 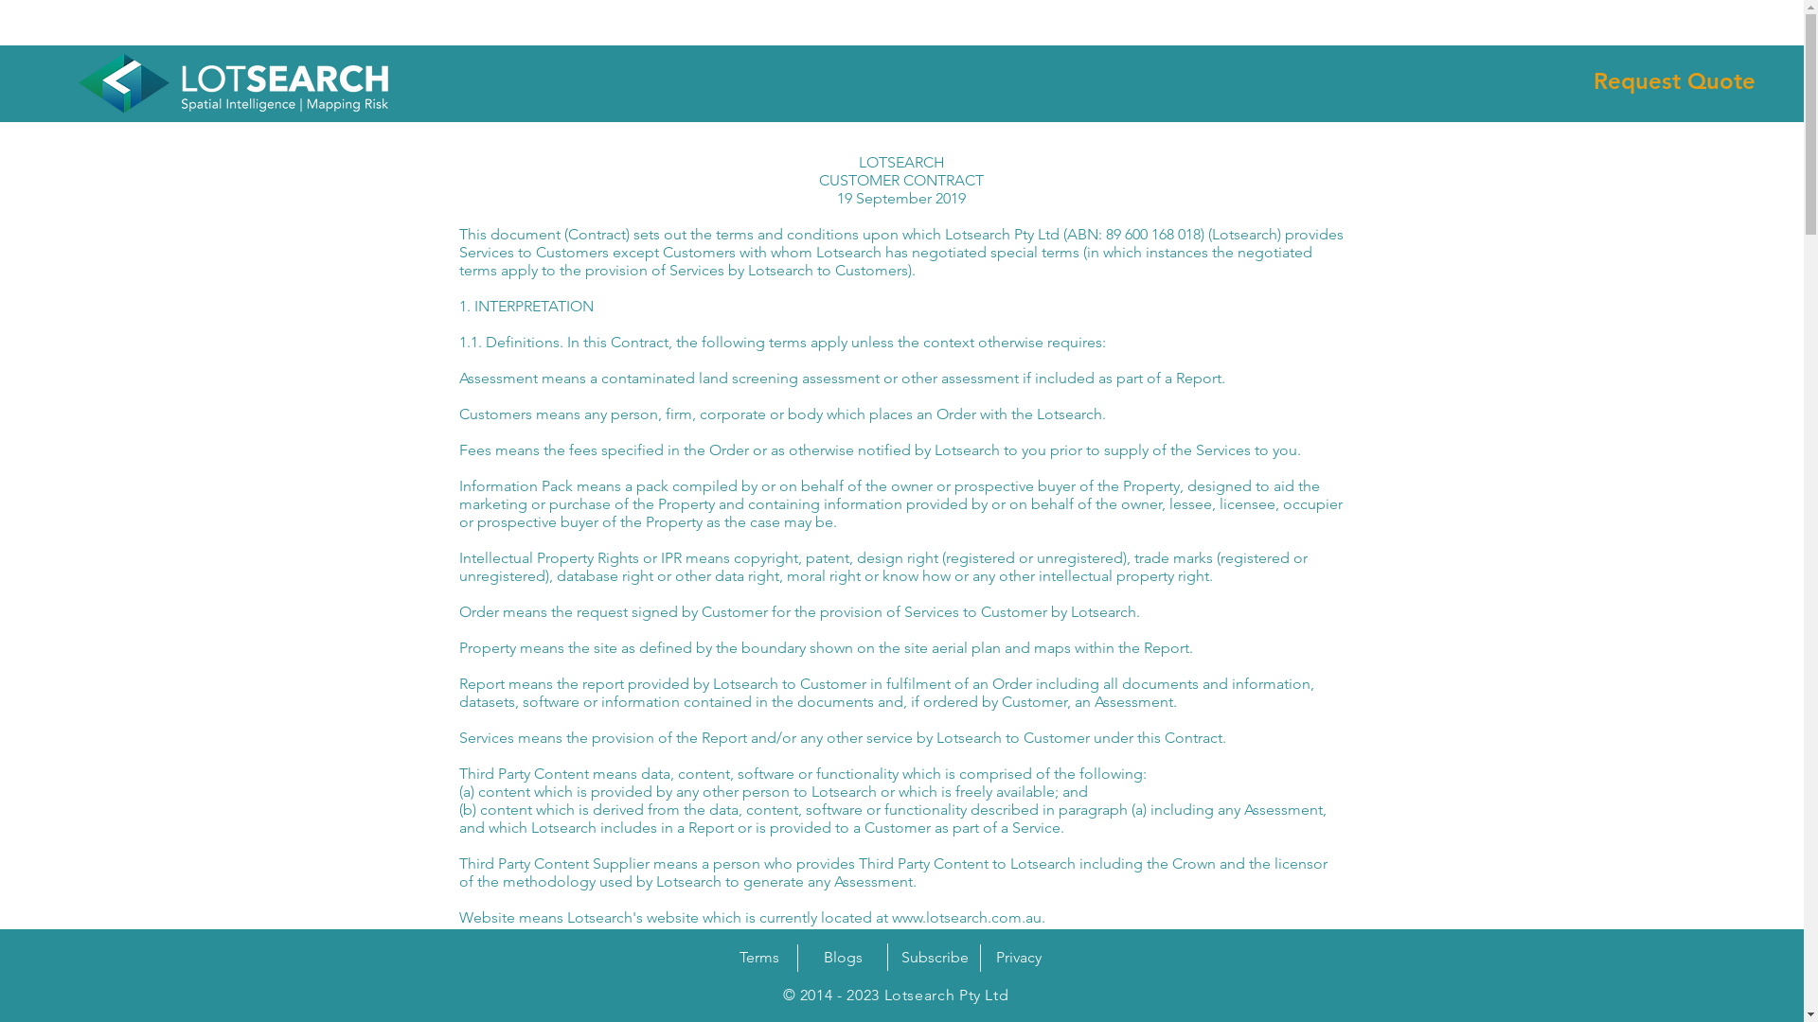 What do you see at coordinates (1674, 79) in the screenshot?
I see `'Request Quote'` at bounding box center [1674, 79].